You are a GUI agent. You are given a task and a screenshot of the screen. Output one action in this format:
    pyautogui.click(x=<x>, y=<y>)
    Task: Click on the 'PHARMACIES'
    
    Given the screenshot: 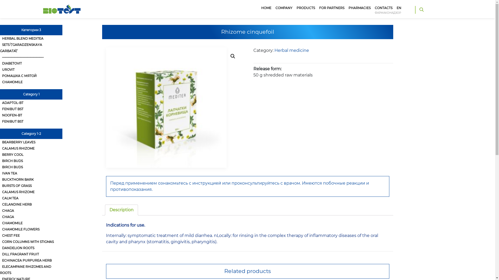 What is the action you would take?
    pyautogui.click(x=359, y=8)
    